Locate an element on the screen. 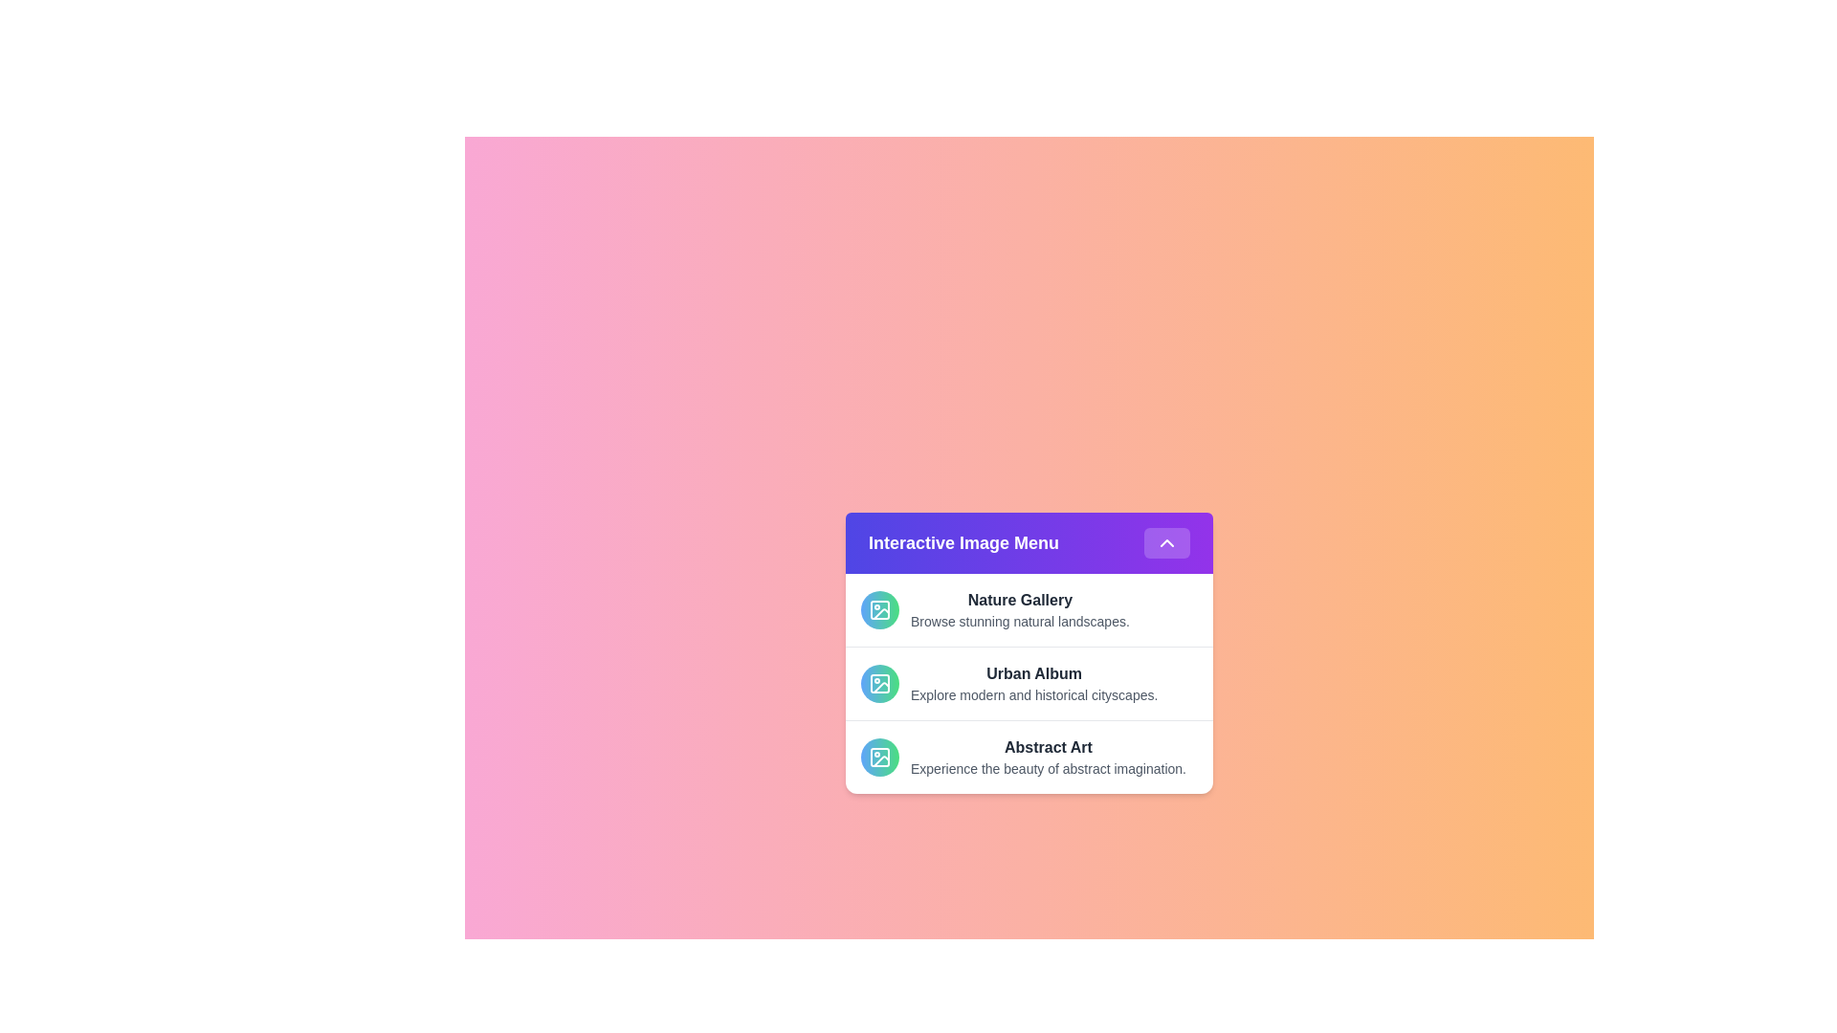 The image size is (1837, 1033). toggle button in the header to toggle the menu visibility is located at coordinates (1165, 542).